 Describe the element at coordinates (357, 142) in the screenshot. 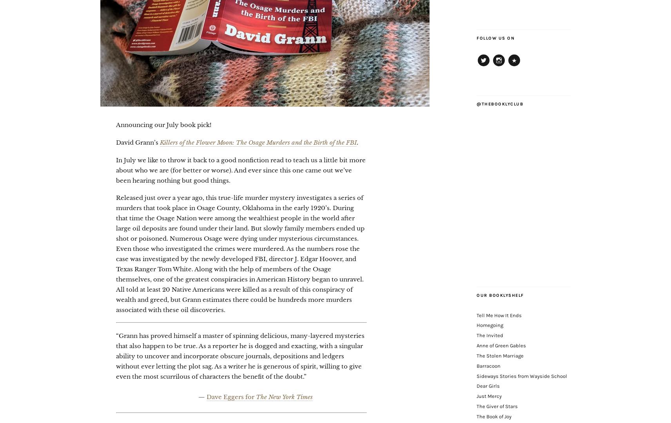

I see `'.'` at that location.